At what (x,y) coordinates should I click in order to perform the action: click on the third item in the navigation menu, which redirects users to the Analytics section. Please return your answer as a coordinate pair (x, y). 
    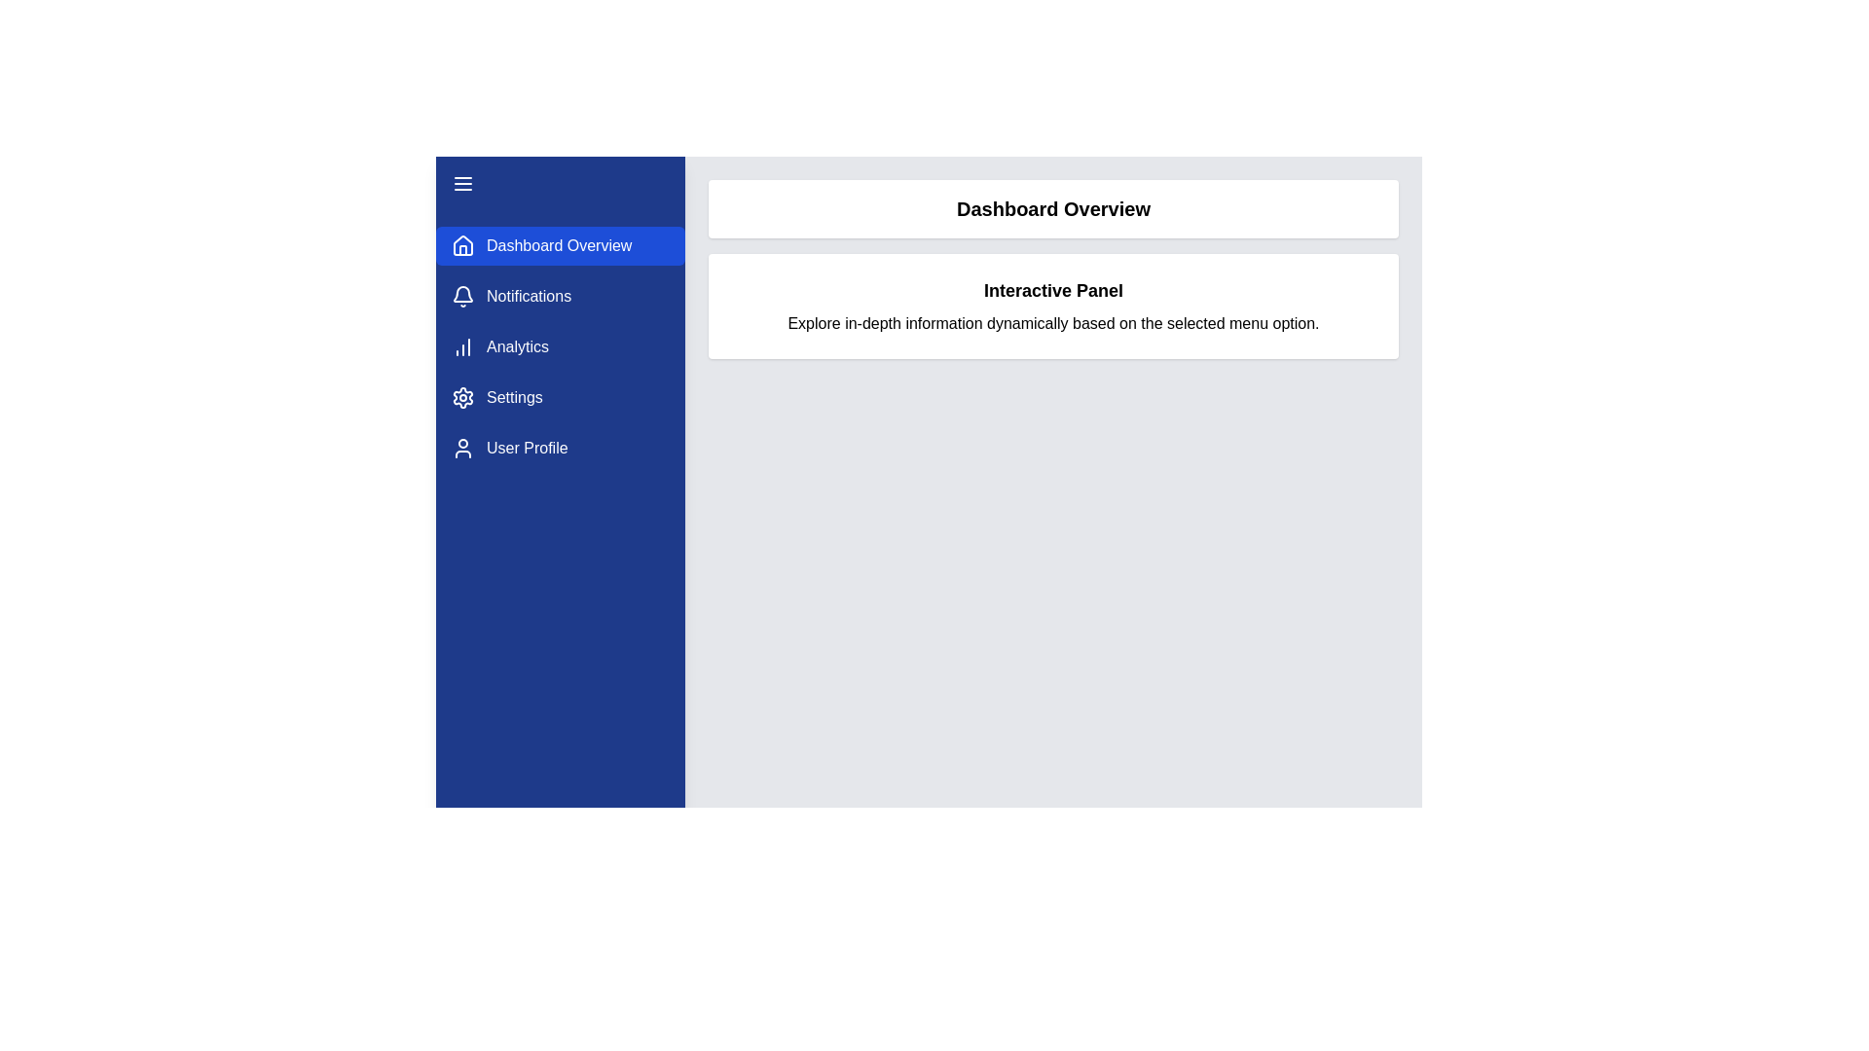
    Looking at the image, I should click on (560, 346).